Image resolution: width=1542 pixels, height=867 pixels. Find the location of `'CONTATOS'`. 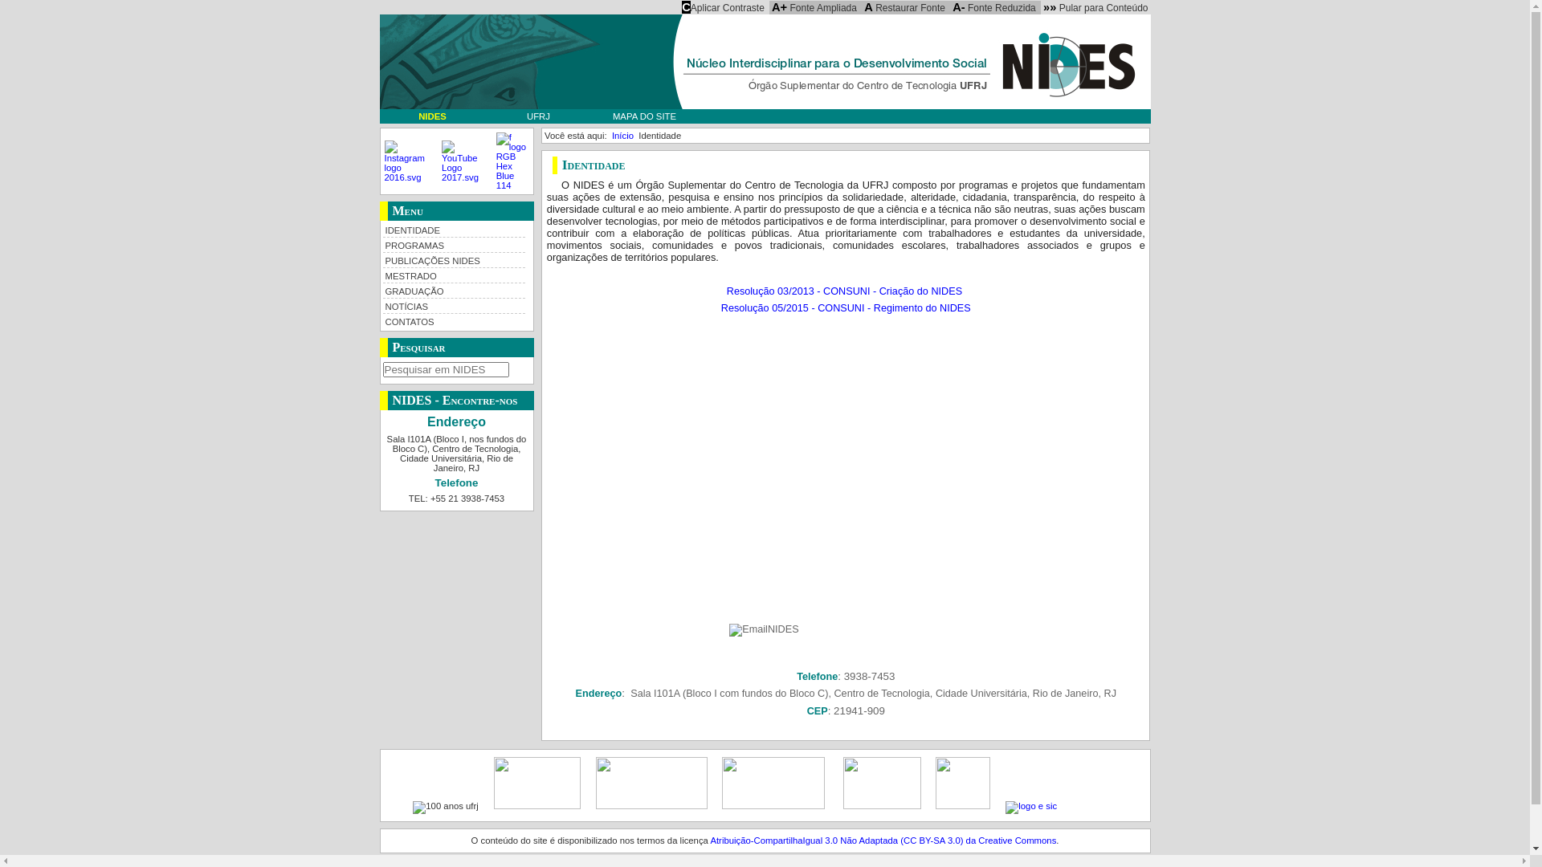

'CONTATOS' is located at coordinates (453, 320).